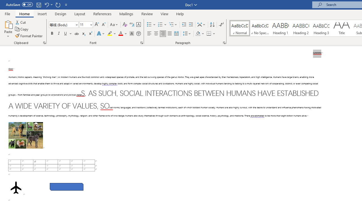 This screenshot has height=203, width=362. Describe the element at coordinates (29, 36) in the screenshot. I see `'Format Painter'` at that location.